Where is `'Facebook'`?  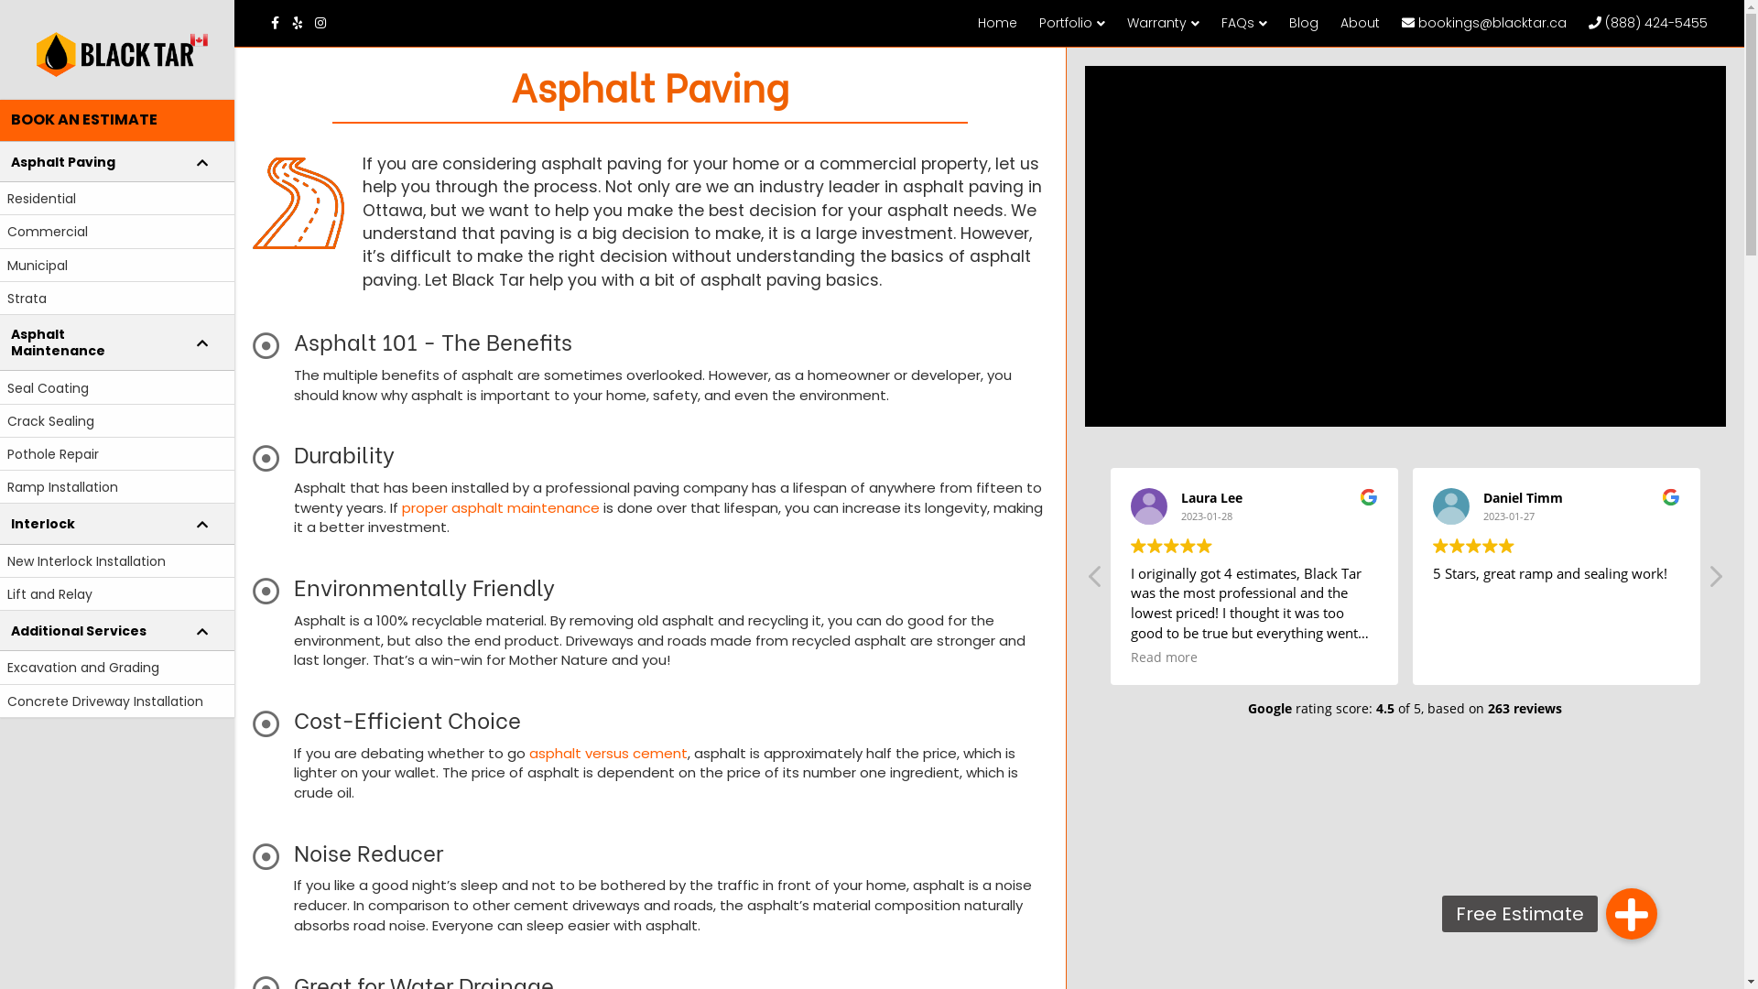 'Facebook' is located at coordinates (280, 21).